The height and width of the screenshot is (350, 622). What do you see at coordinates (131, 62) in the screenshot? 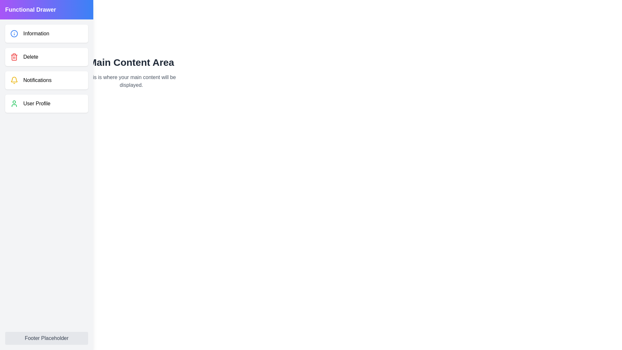
I see `header text element which serves as the title for the main content area, centered above the descriptive text` at bounding box center [131, 62].